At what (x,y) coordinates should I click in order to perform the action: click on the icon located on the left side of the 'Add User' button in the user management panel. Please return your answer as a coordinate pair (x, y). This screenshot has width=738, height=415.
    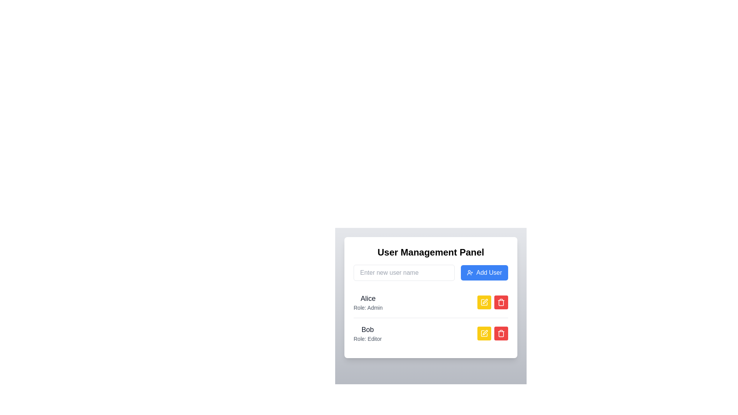
    Looking at the image, I should click on (470, 272).